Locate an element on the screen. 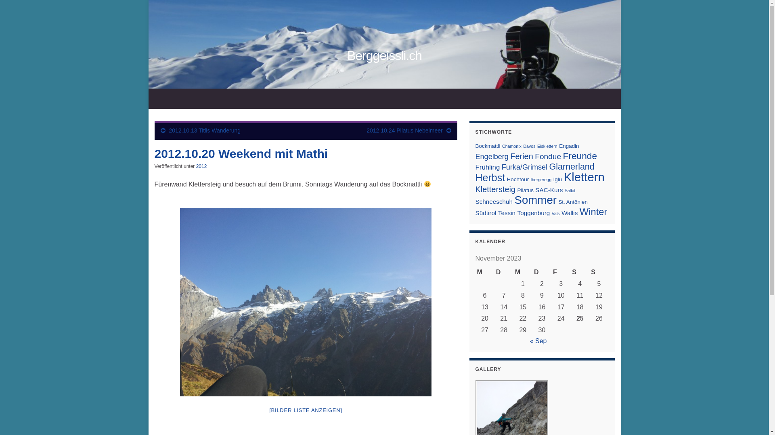  '[BILDER LISTE ANZEIGEN]' is located at coordinates (269, 410).